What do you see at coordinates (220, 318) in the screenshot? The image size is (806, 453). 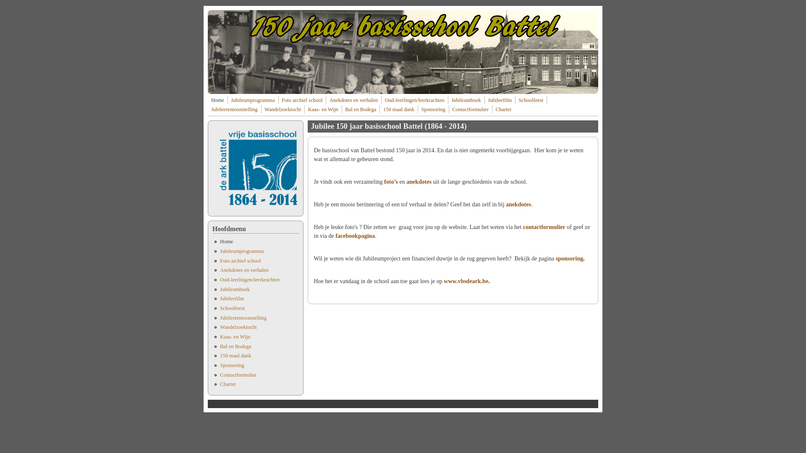 I see `'Jubileetentoonstelling'` at bounding box center [220, 318].